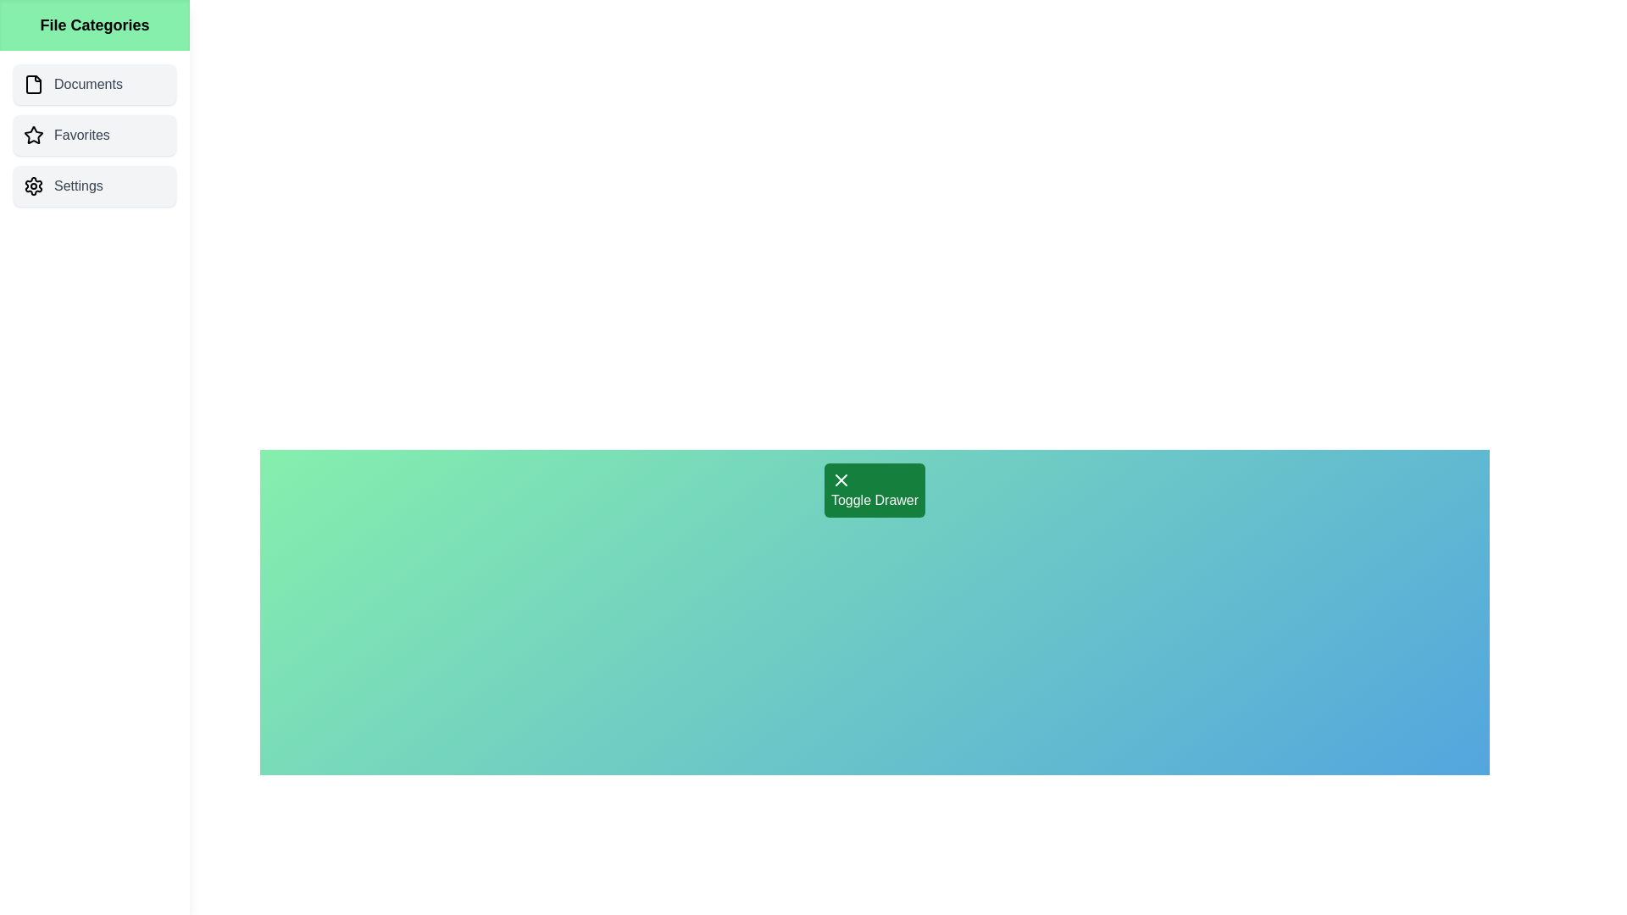 This screenshot has width=1627, height=915. I want to click on the category Settings from the drawer, so click(93, 186).